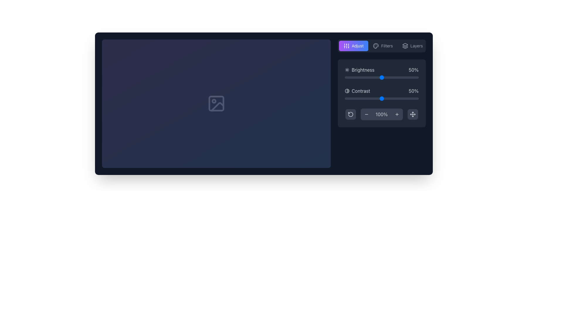  I want to click on the slider value, so click(405, 77).